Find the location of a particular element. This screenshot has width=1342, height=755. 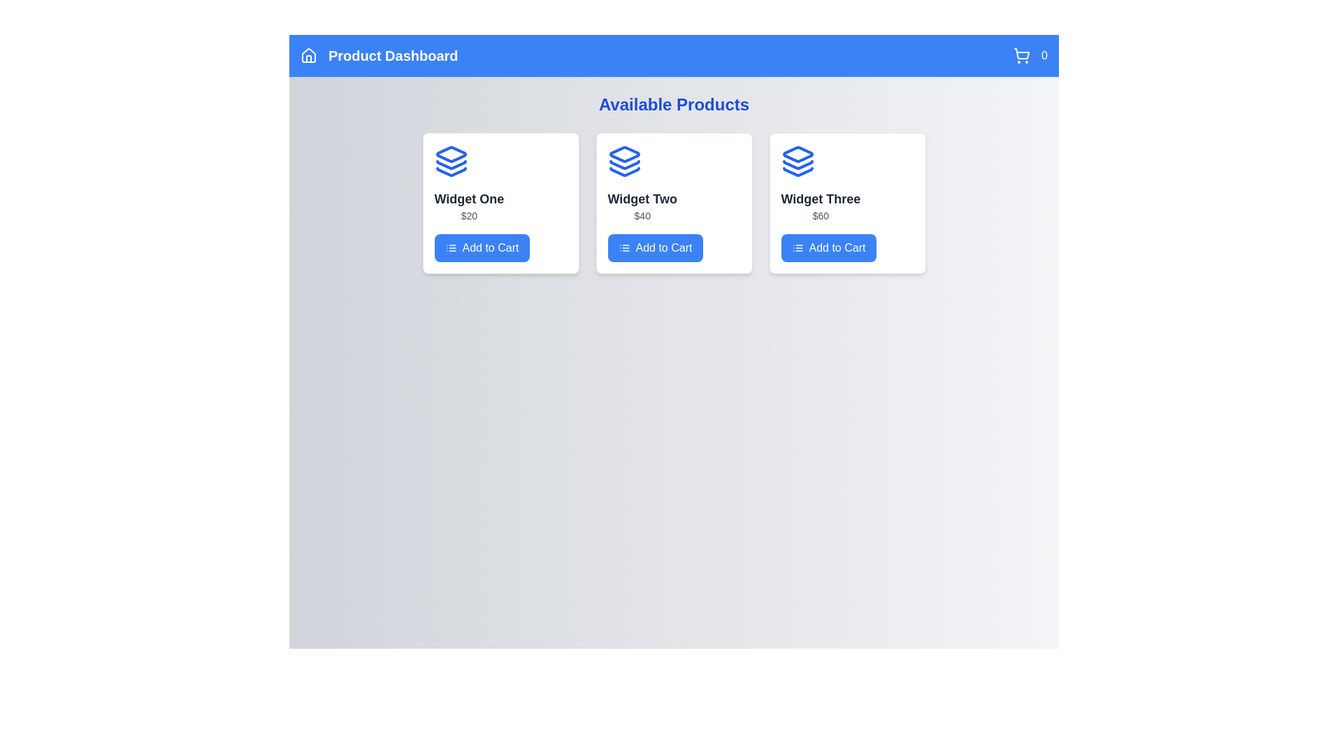

the text label displaying the price '$60' located beneath the title 'Widget Three' in the rightmost product card of the 'Available Products' section is located at coordinates (821, 215).